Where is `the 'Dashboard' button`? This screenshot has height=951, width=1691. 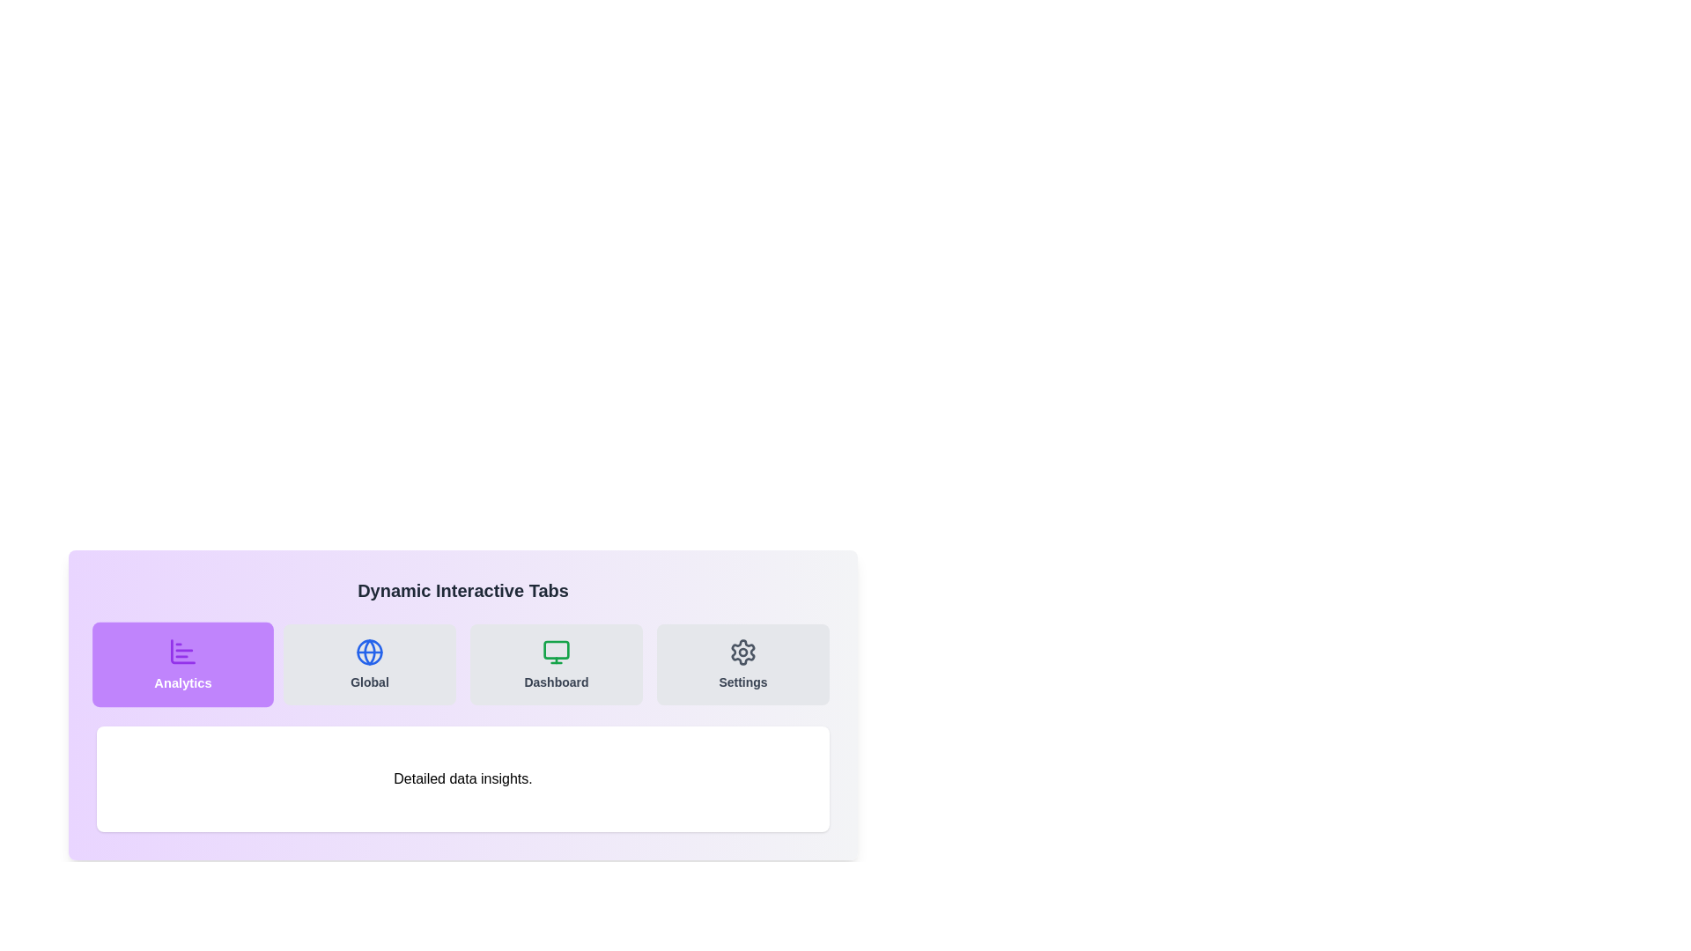
the 'Dashboard' button is located at coordinates (556, 665).